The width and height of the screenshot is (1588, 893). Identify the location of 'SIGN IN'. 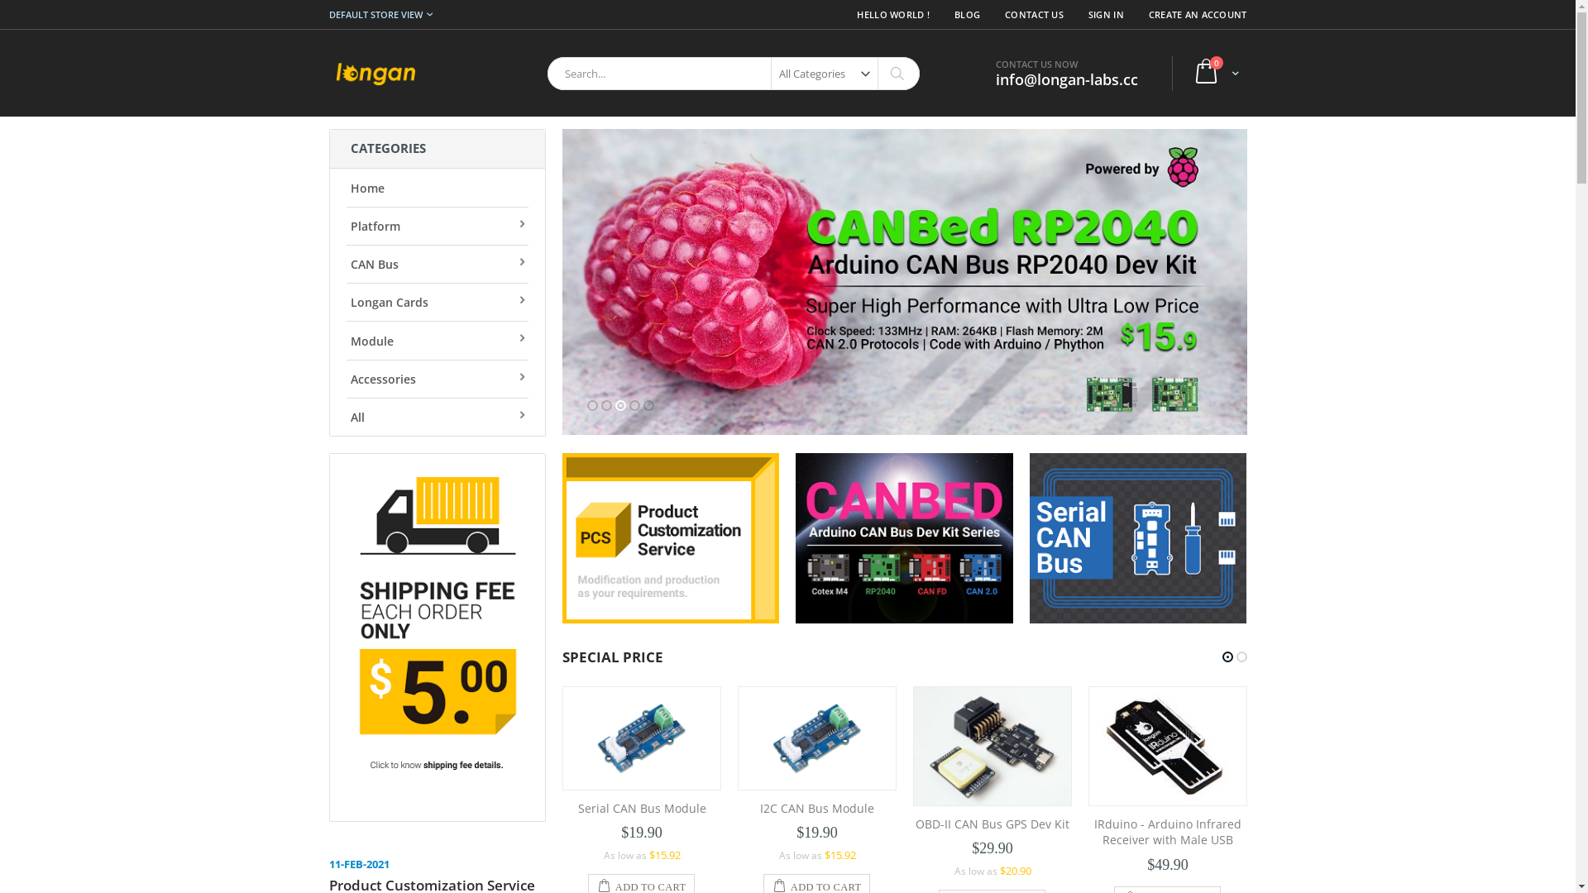
(1106, 14).